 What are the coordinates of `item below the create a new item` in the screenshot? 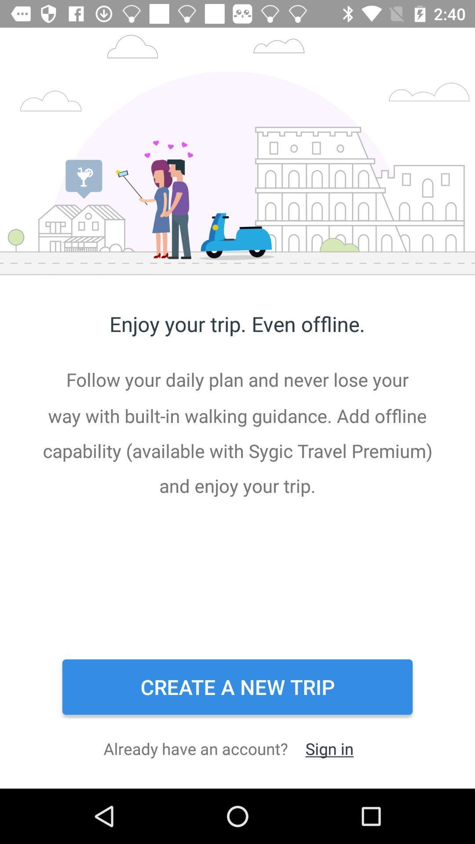 It's located at (329, 748).